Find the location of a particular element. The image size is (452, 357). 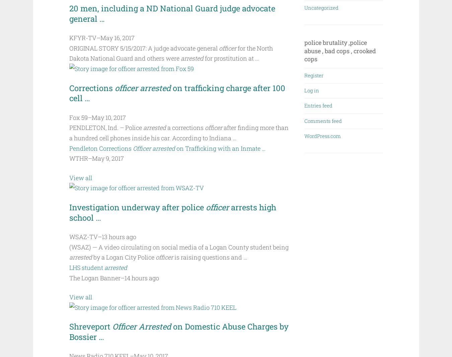

'police brutality ,police abuse , bad cops , crooked cops' is located at coordinates (340, 50).